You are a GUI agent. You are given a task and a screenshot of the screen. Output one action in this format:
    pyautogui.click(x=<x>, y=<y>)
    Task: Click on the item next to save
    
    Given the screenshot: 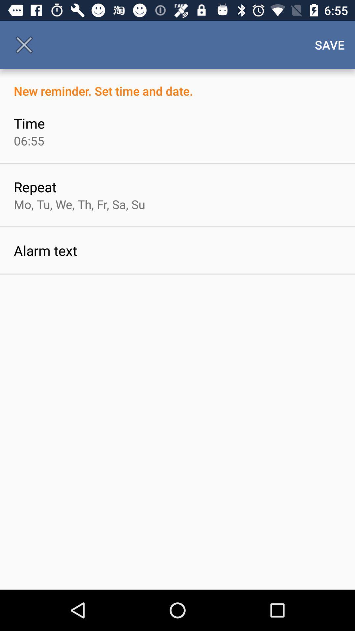 What is the action you would take?
    pyautogui.click(x=24, y=44)
    